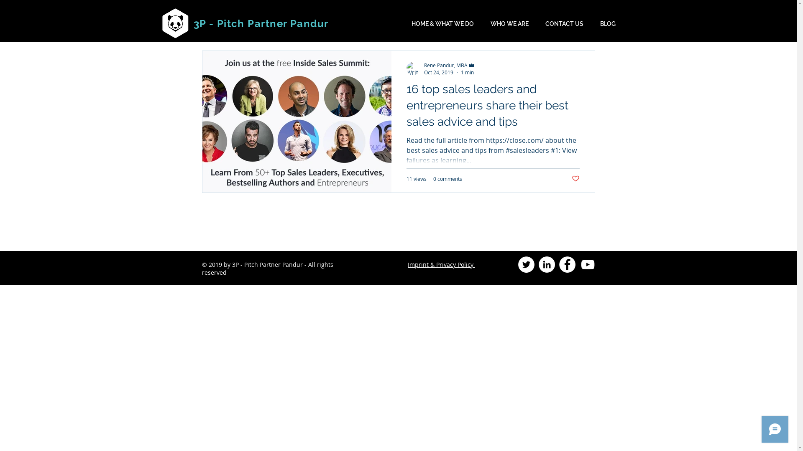 This screenshot has width=803, height=451. Describe the element at coordinates (575, 178) in the screenshot. I see `'Post not marked as liked'` at that location.